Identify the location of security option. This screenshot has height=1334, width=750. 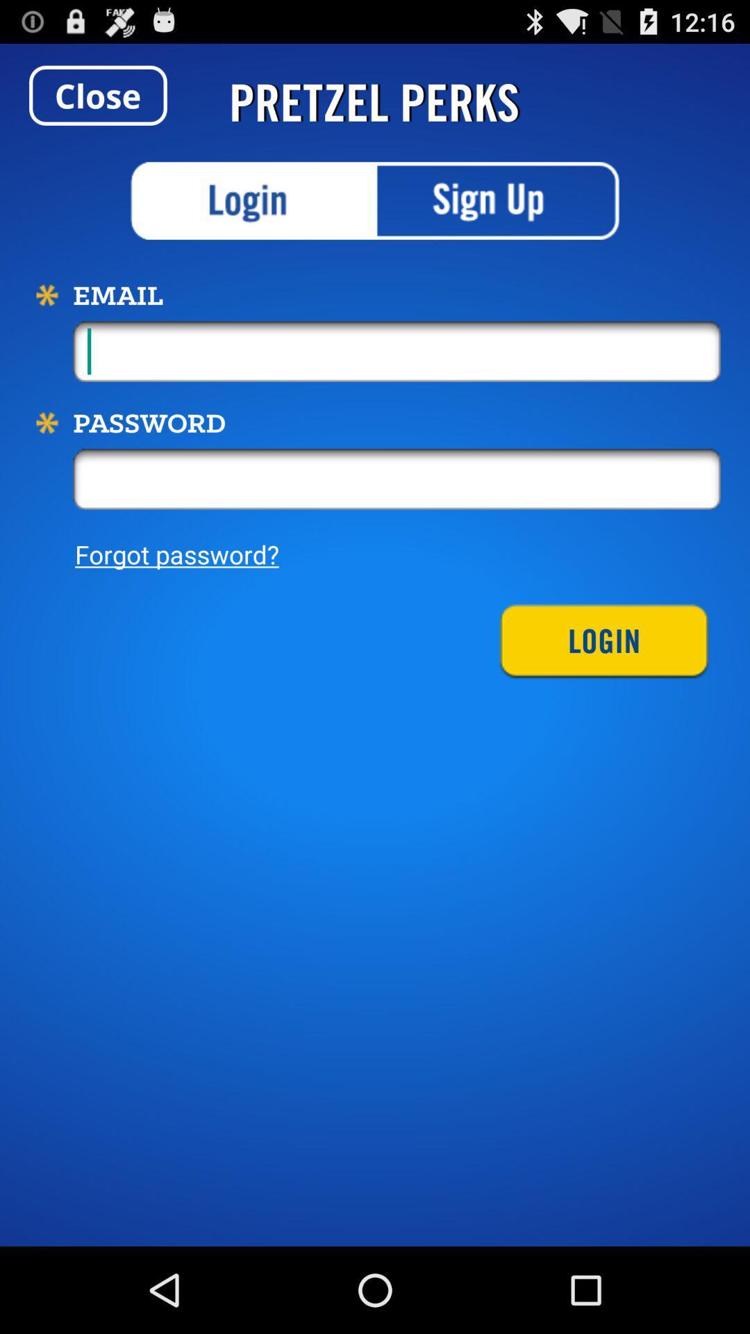
(253, 200).